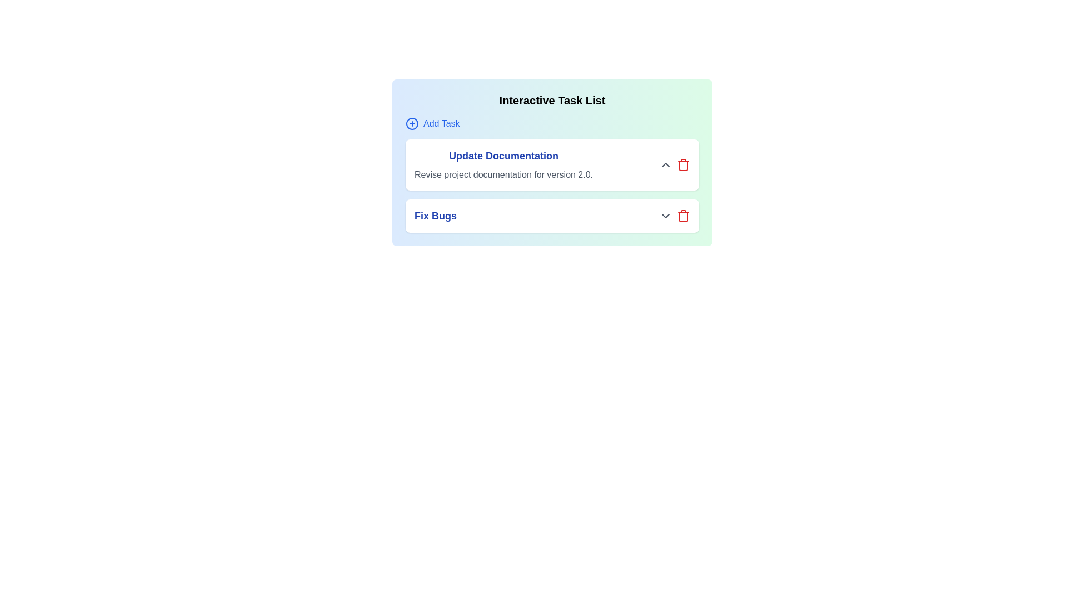  What do you see at coordinates (682, 216) in the screenshot?
I see `the trash icon to delete the task 'Fix Bugs'` at bounding box center [682, 216].